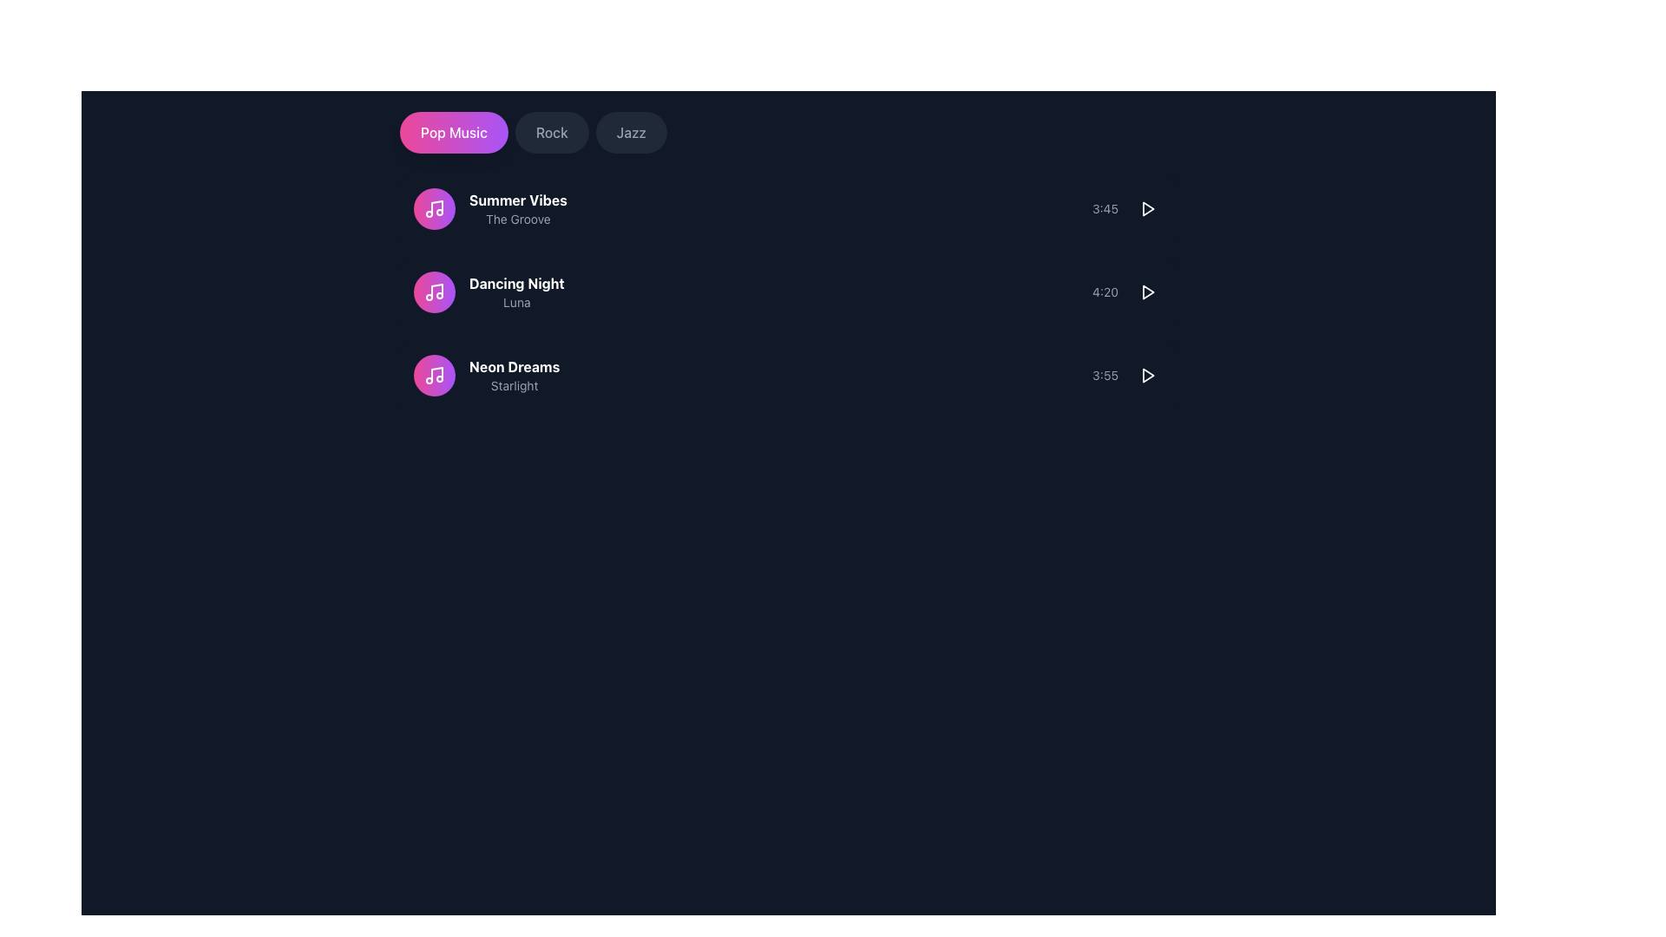 The width and height of the screenshot is (1666, 937). What do you see at coordinates (1148, 207) in the screenshot?
I see `the 'play' button icon located at the far right of the row containing the song 'Summer Vibes'` at bounding box center [1148, 207].